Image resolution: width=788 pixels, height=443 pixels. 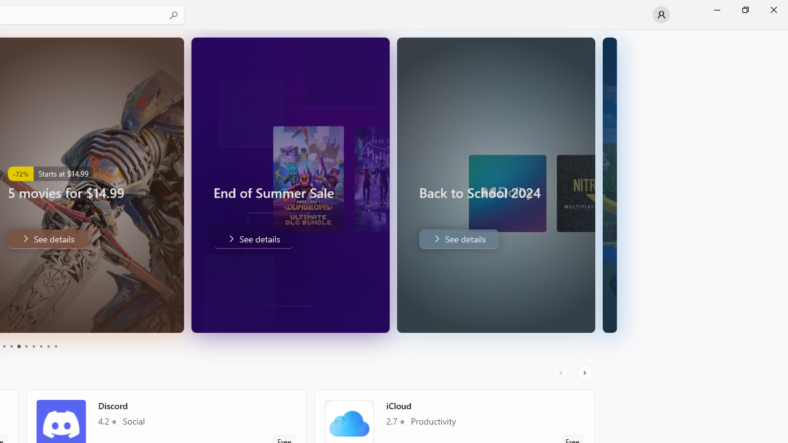 What do you see at coordinates (10, 346) in the screenshot?
I see `'Page 4'` at bounding box center [10, 346].